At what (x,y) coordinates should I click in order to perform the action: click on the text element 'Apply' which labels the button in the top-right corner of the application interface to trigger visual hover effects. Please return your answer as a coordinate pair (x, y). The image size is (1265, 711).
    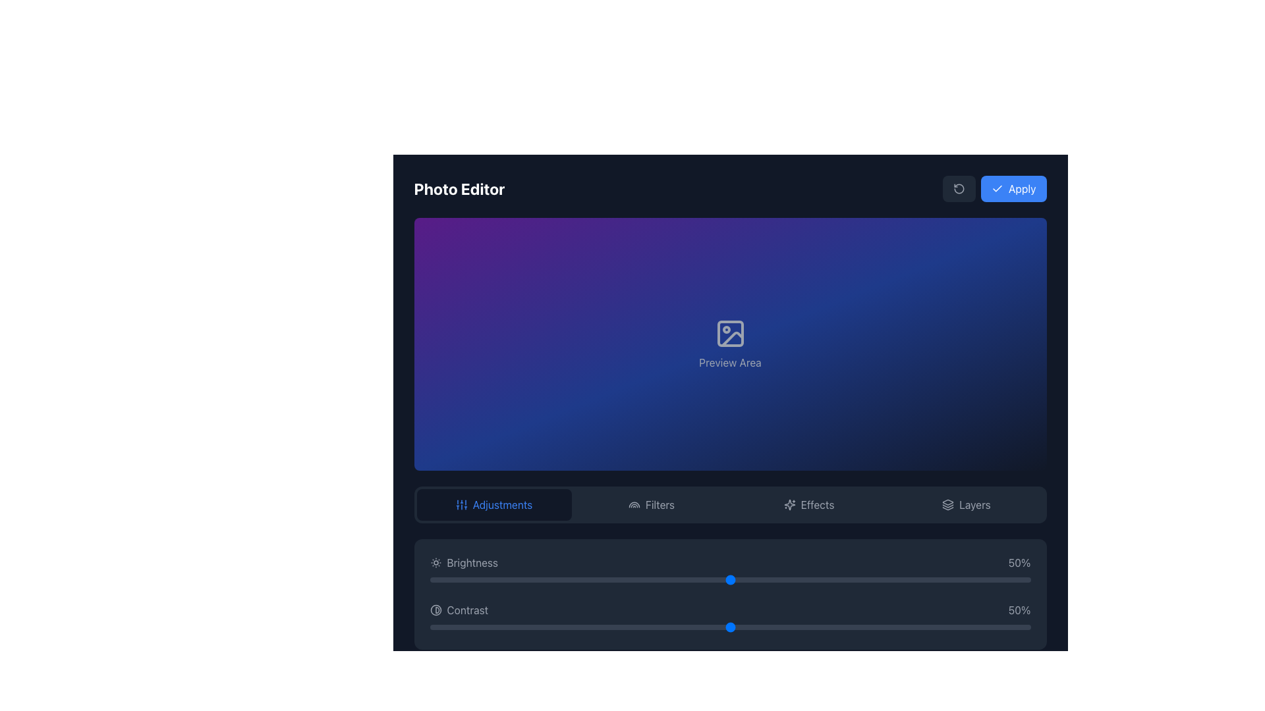
    Looking at the image, I should click on (1021, 188).